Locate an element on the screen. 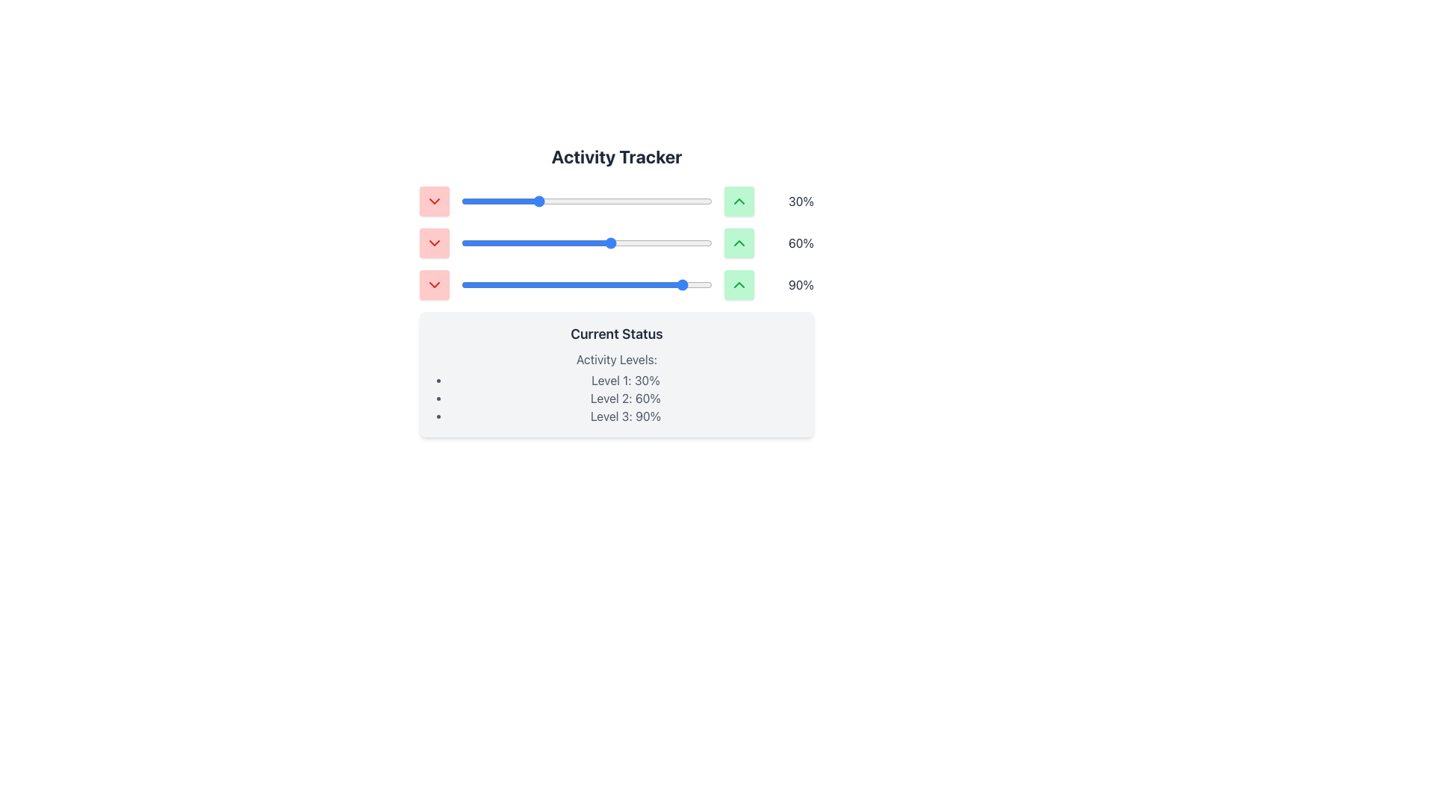 This screenshot has height=806, width=1434. the green button with rounded corners and a central upward-pointing chevron icon to increment the associated value is located at coordinates (739, 284).